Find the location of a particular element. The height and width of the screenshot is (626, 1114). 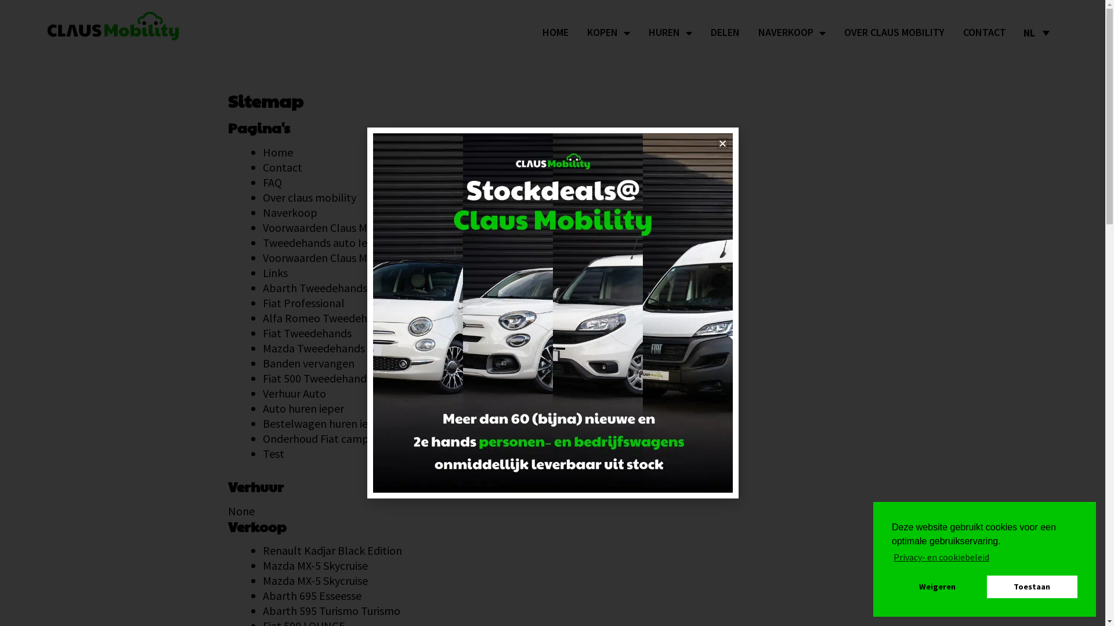

'Auto huren ieper' is located at coordinates (303, 407).